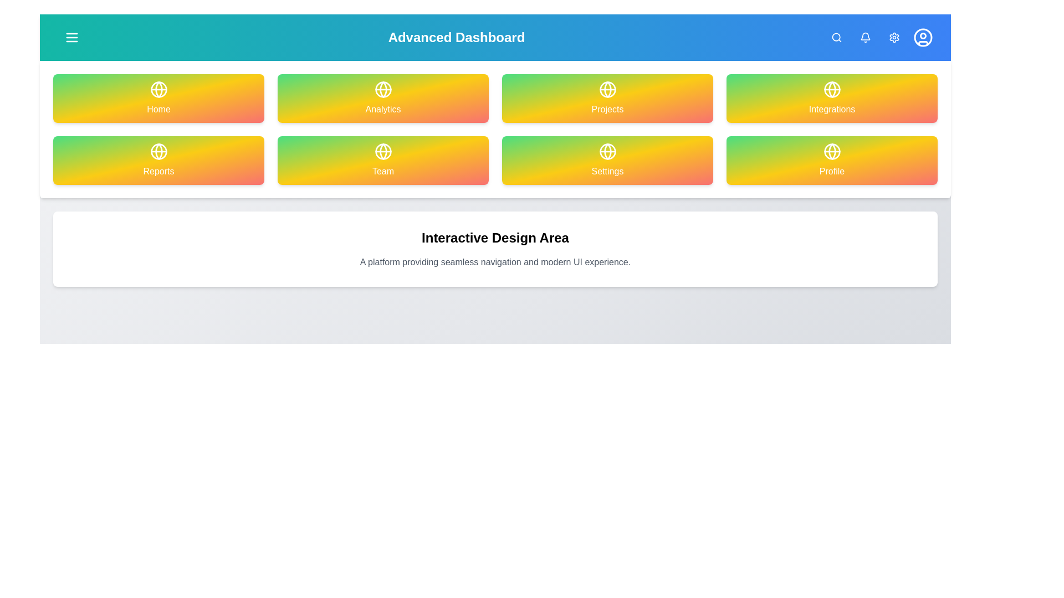 This screenshot has height=598, width=1064. I want to click on the Profile button in the navigation bar, so click(923, 37).